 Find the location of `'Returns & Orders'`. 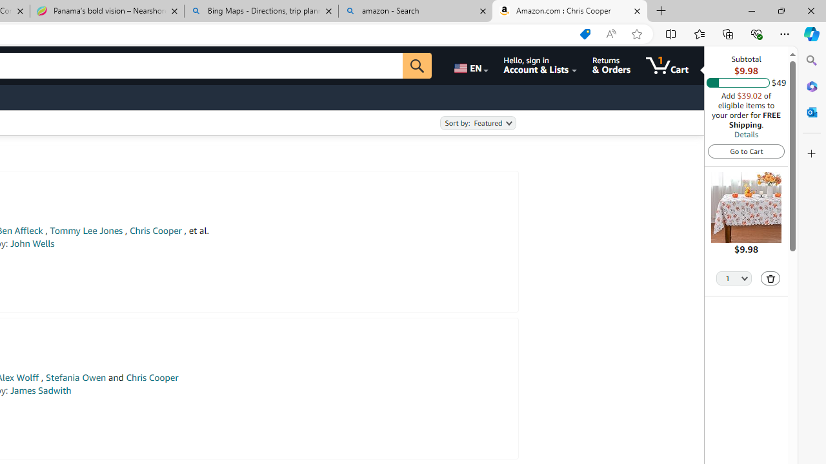

'Returns & Orders' is located at coordinates (610, 65).